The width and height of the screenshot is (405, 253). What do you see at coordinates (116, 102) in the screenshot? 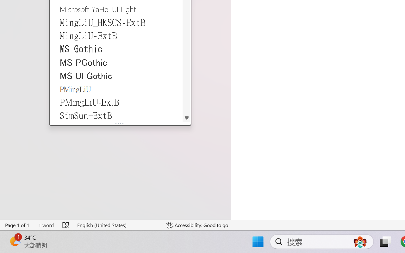
I see `'PMingLiU-ExtB'` at bounding box center [116, 102].